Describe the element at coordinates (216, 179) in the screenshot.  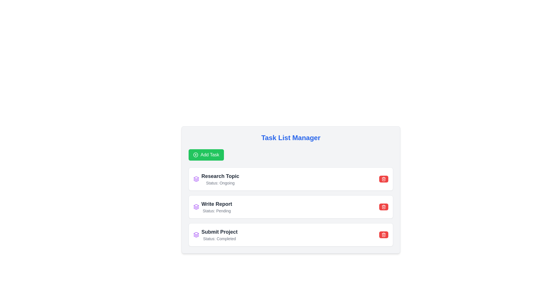
I see `text 'Research Topic' and its status 'Ongoing' from the Text Display with Icon located in the first item of the task manager interface` at that location.